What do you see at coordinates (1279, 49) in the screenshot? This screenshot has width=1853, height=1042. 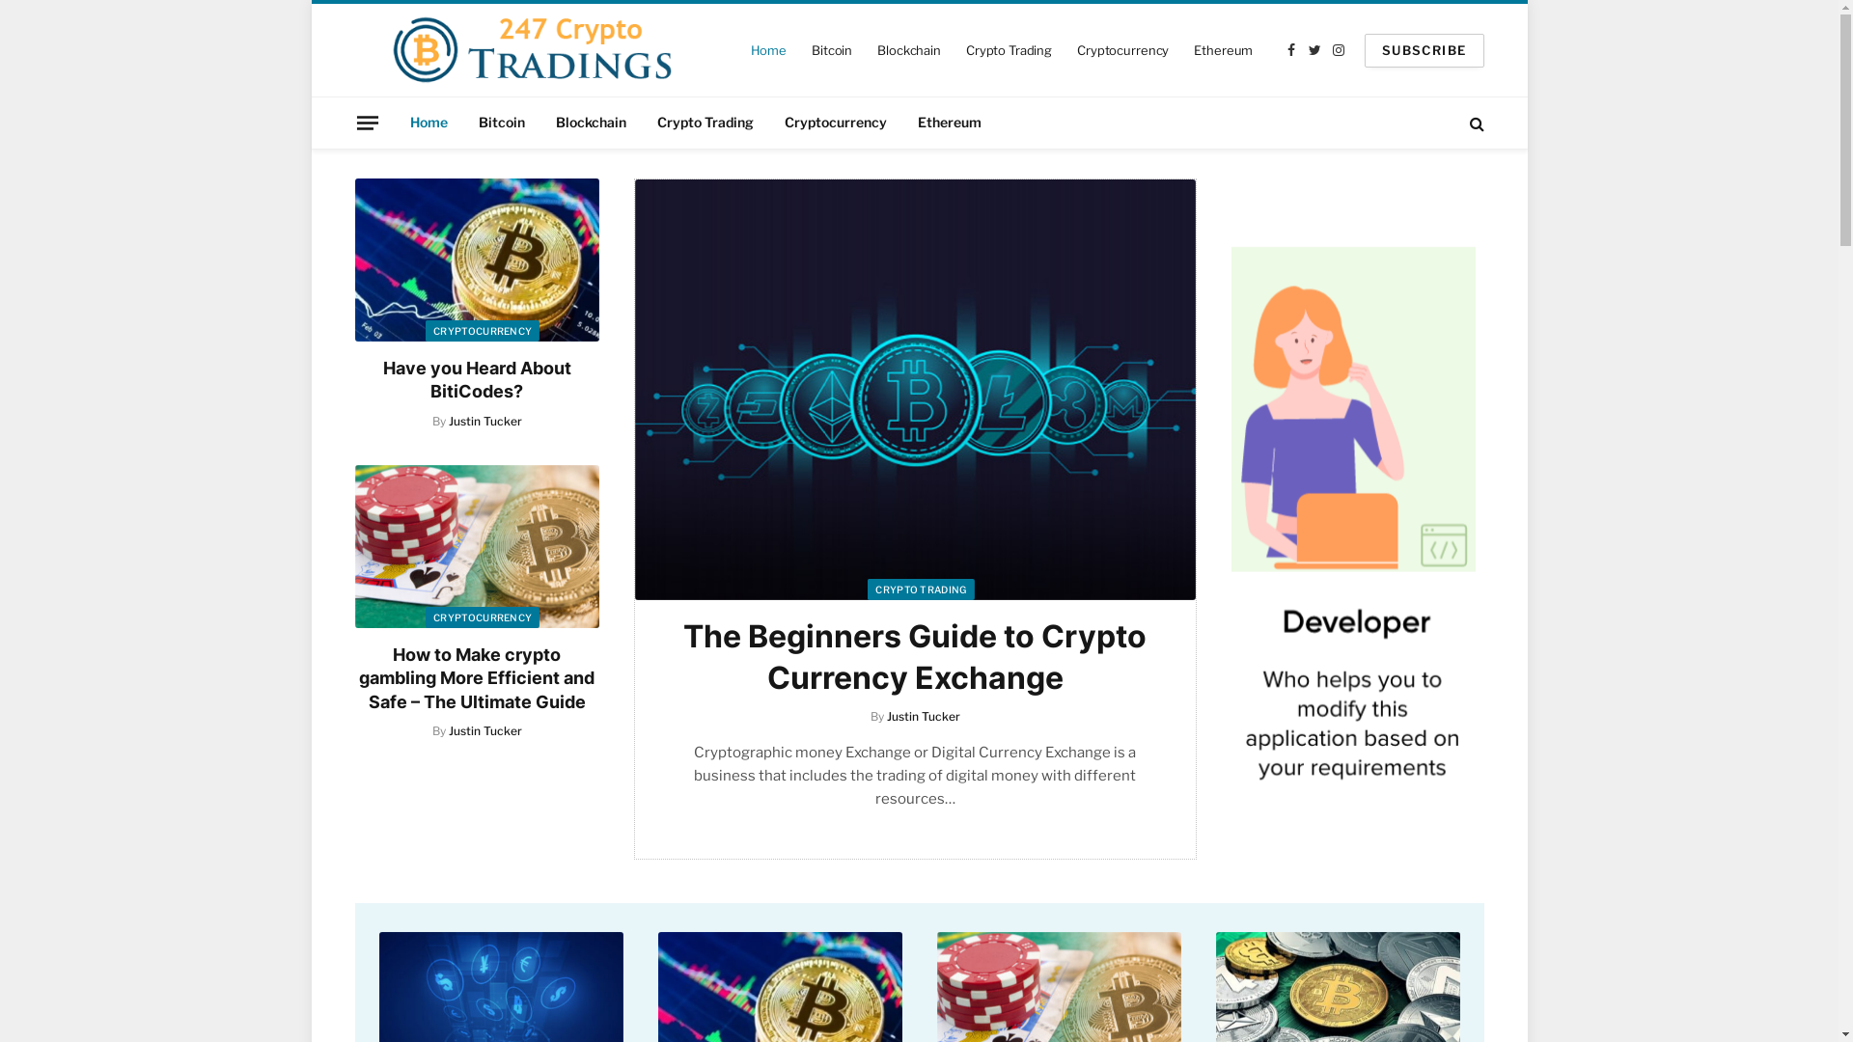 I see `'Facebook'` at bounding box center [1279, 49].